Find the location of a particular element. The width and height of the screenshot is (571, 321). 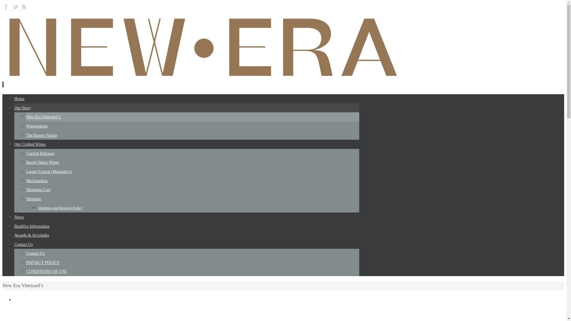

'Shipping and Returns Policy' is located at coordinates (60, 207).